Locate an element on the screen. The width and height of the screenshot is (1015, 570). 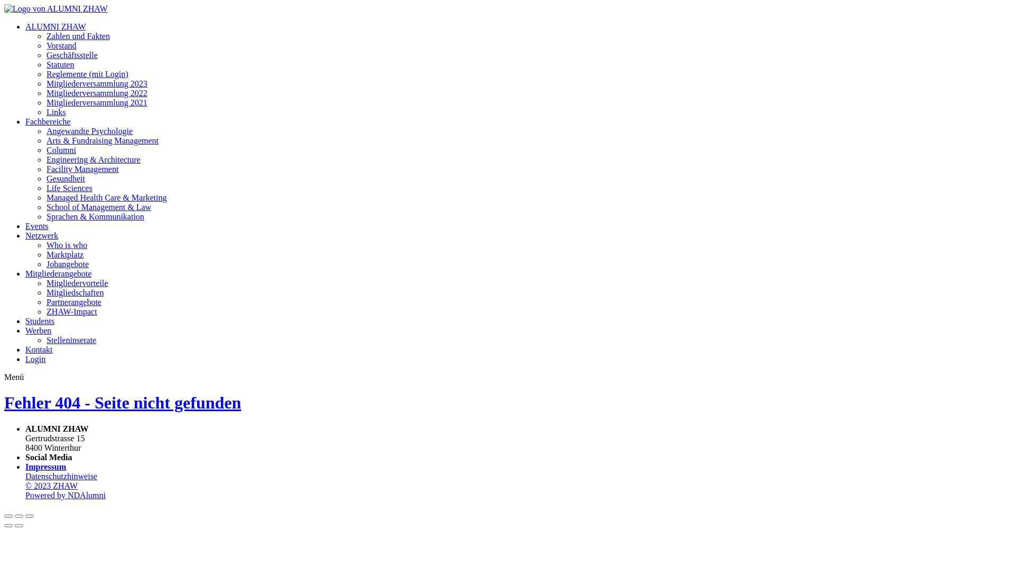
'Mitgliederversammlung 2023' is located at coordinates (97, 83).